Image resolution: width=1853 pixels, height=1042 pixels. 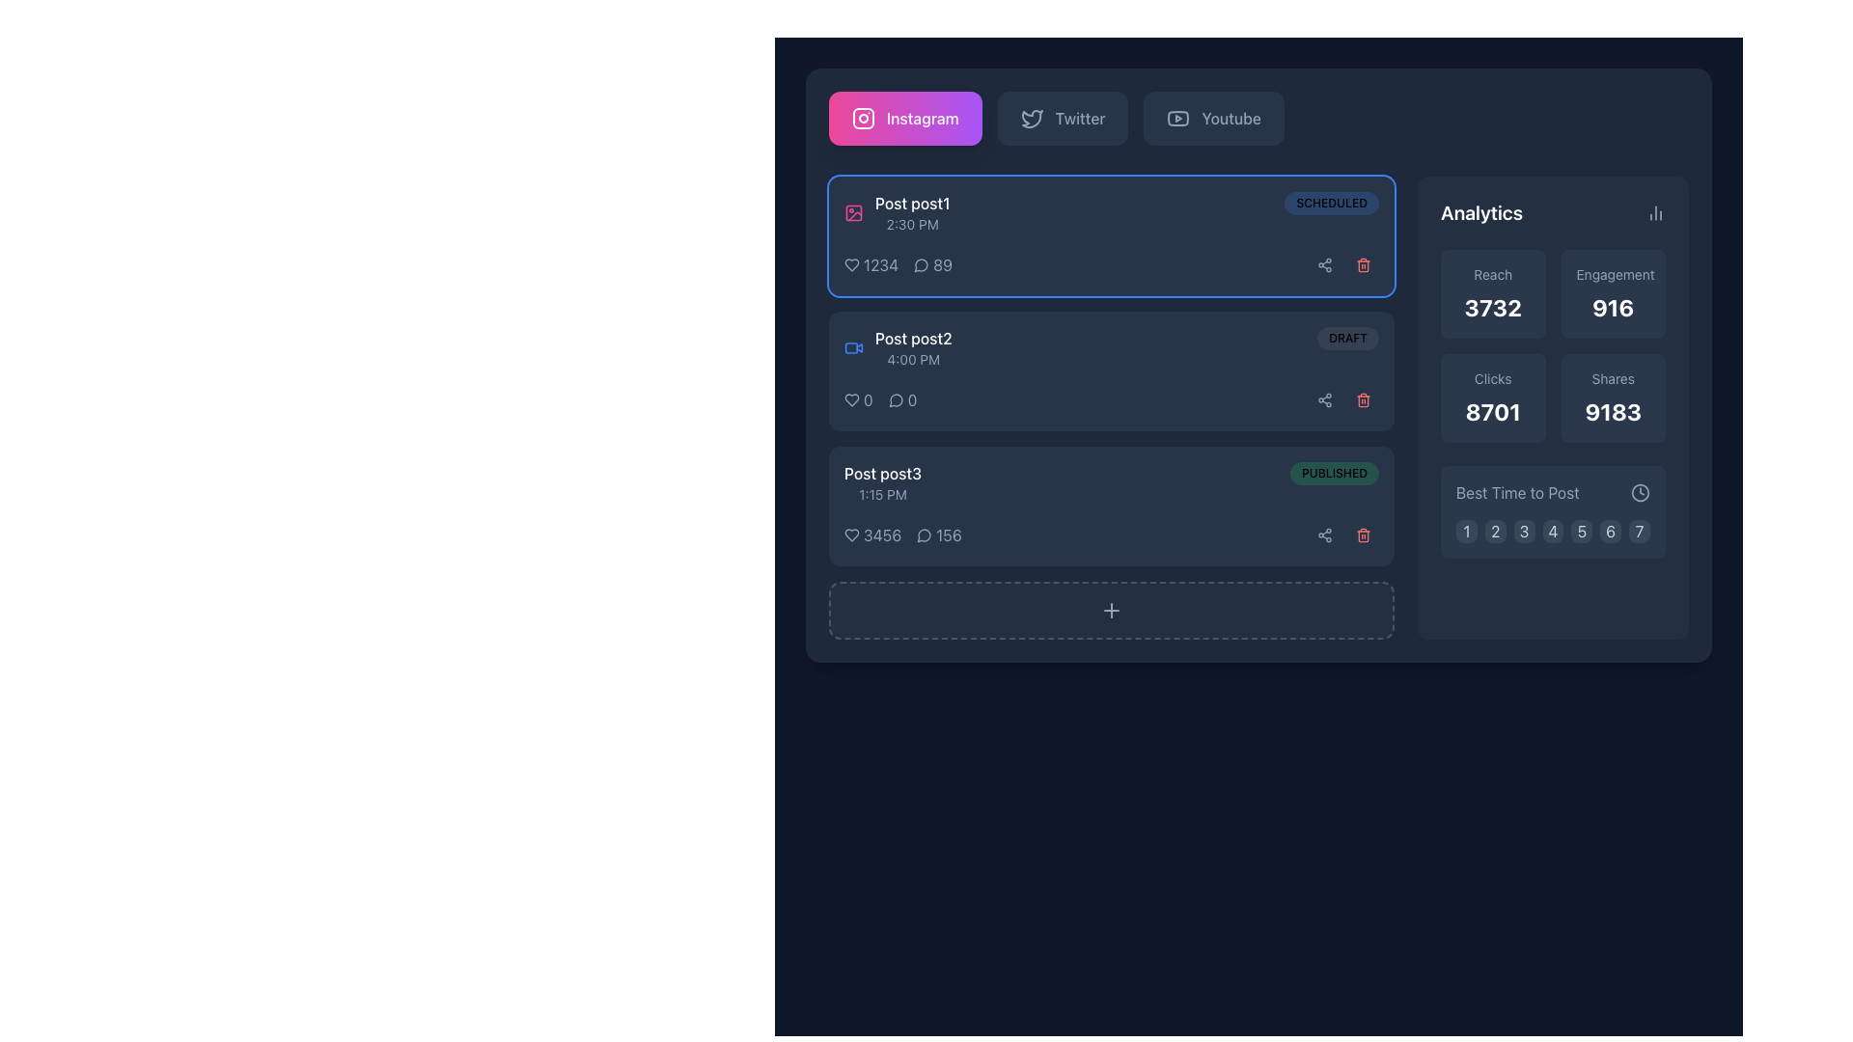 I want to click on the second list item representing a draft post, so click(x=1112, y=348).